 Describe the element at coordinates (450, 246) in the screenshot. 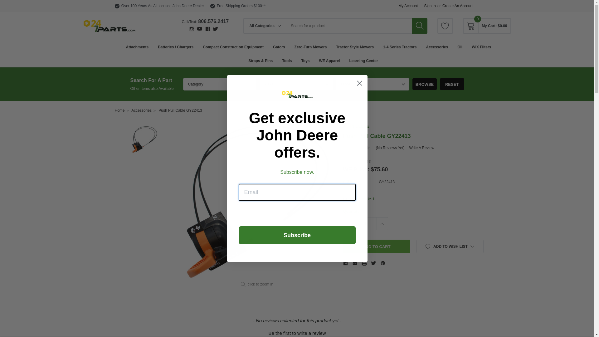

I see `'ADD TO WISH LIST'` at that location.